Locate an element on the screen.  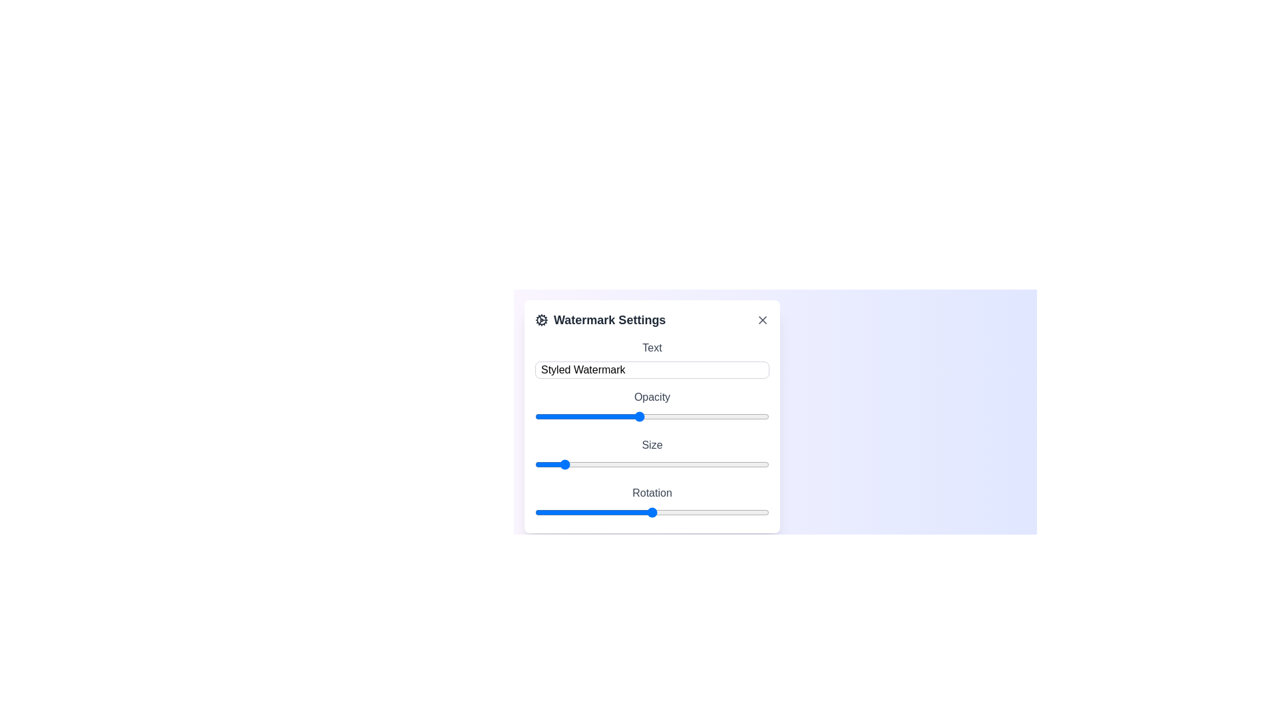
the size is located at coordinates (716, 464).